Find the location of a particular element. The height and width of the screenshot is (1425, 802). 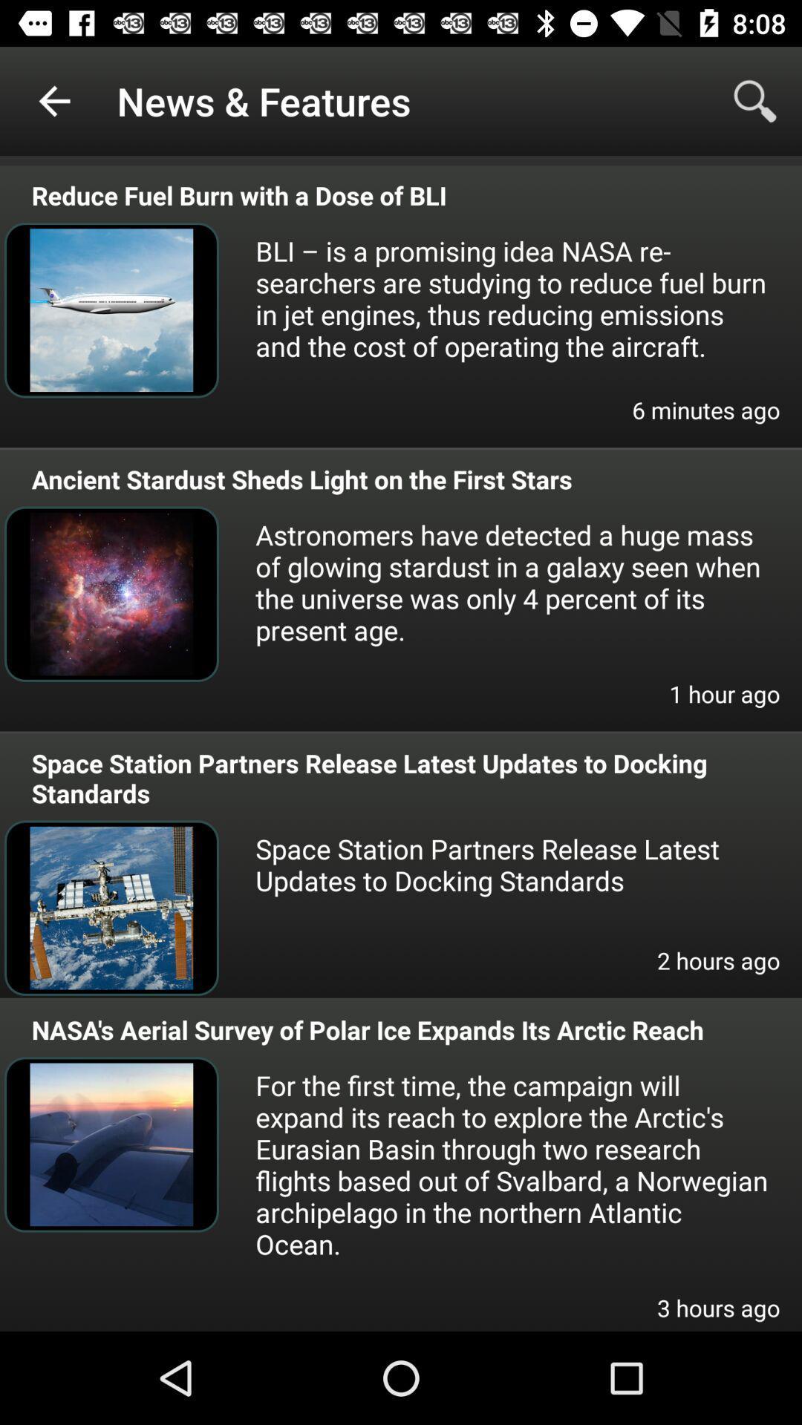

the item on the right is located at coordinates (724, 703).